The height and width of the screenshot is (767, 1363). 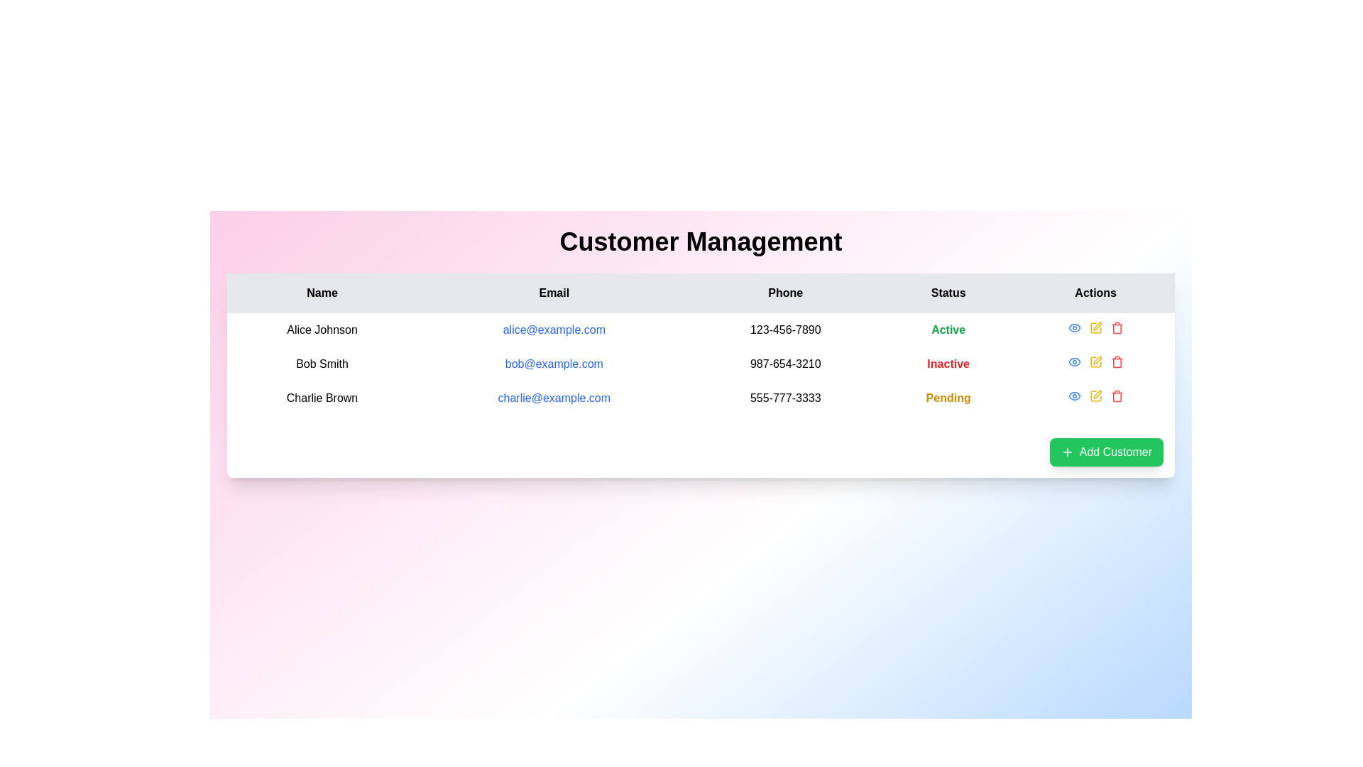 What do you see at coordinates (784, 364) in the screenshot?
I see `the static text element displaying the phone number '987-654-3210' in the 'Phone' column for 'Bob Smith', located between the email and status fields` at bounding box center [784, 364].